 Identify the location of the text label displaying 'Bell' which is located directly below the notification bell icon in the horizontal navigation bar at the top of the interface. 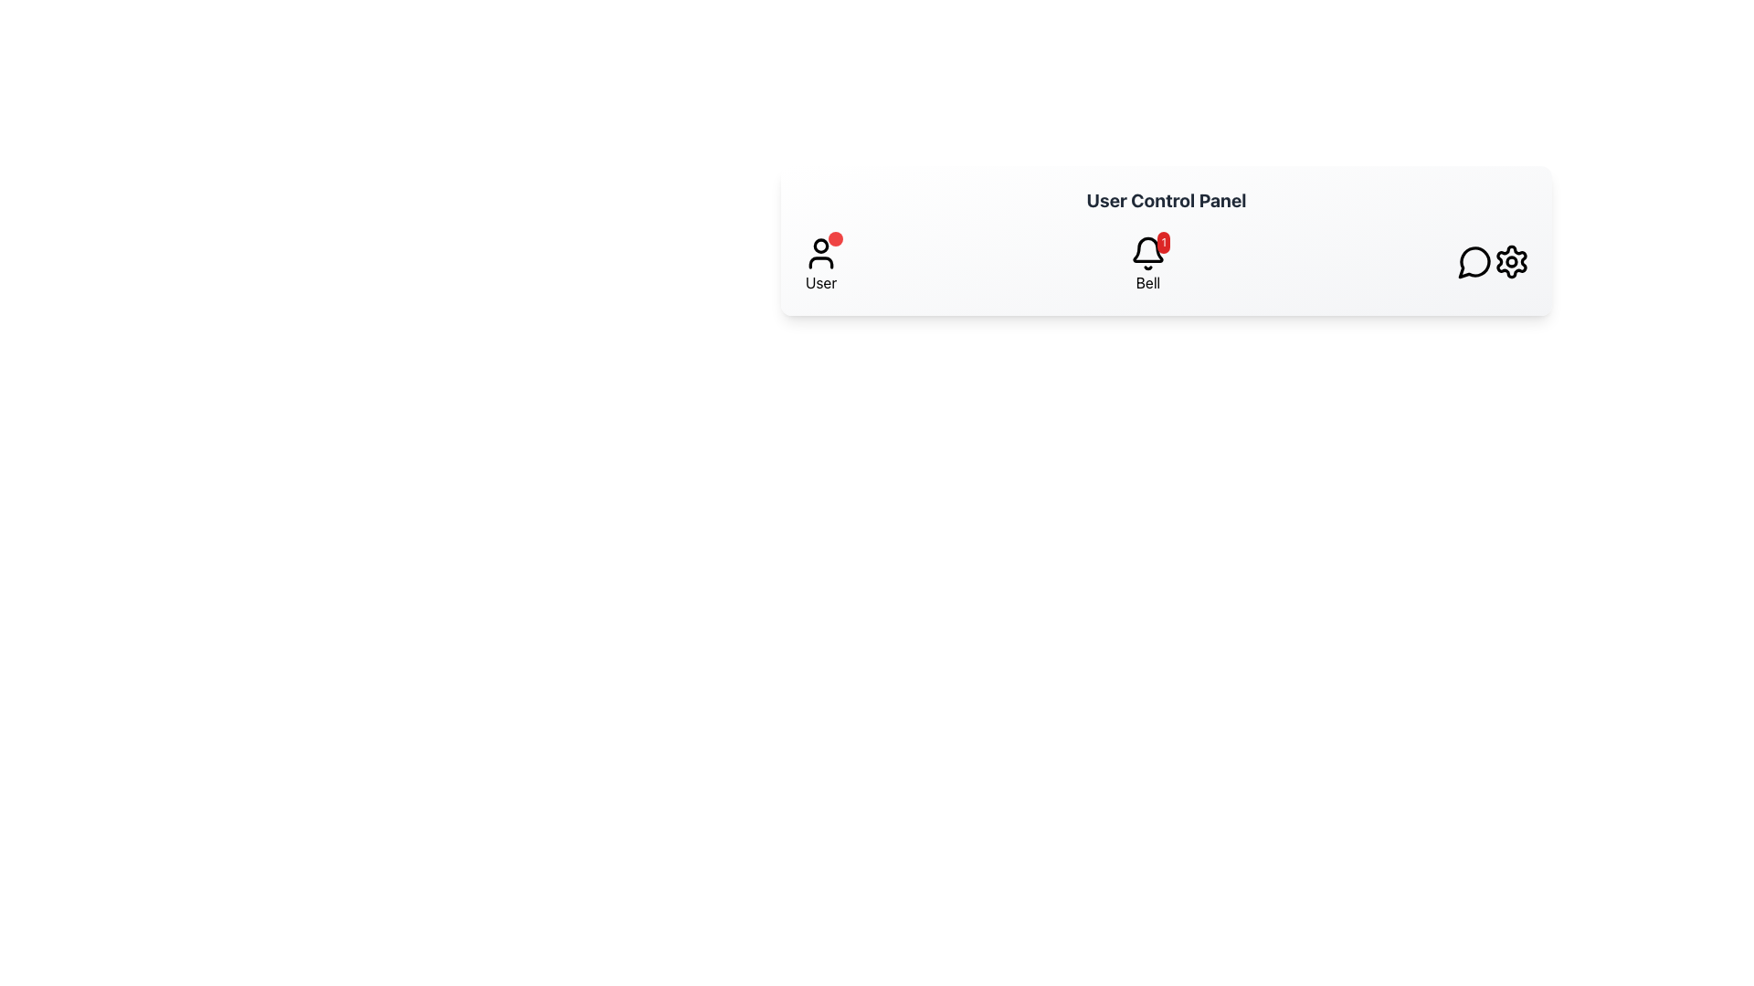
(1147, 282).